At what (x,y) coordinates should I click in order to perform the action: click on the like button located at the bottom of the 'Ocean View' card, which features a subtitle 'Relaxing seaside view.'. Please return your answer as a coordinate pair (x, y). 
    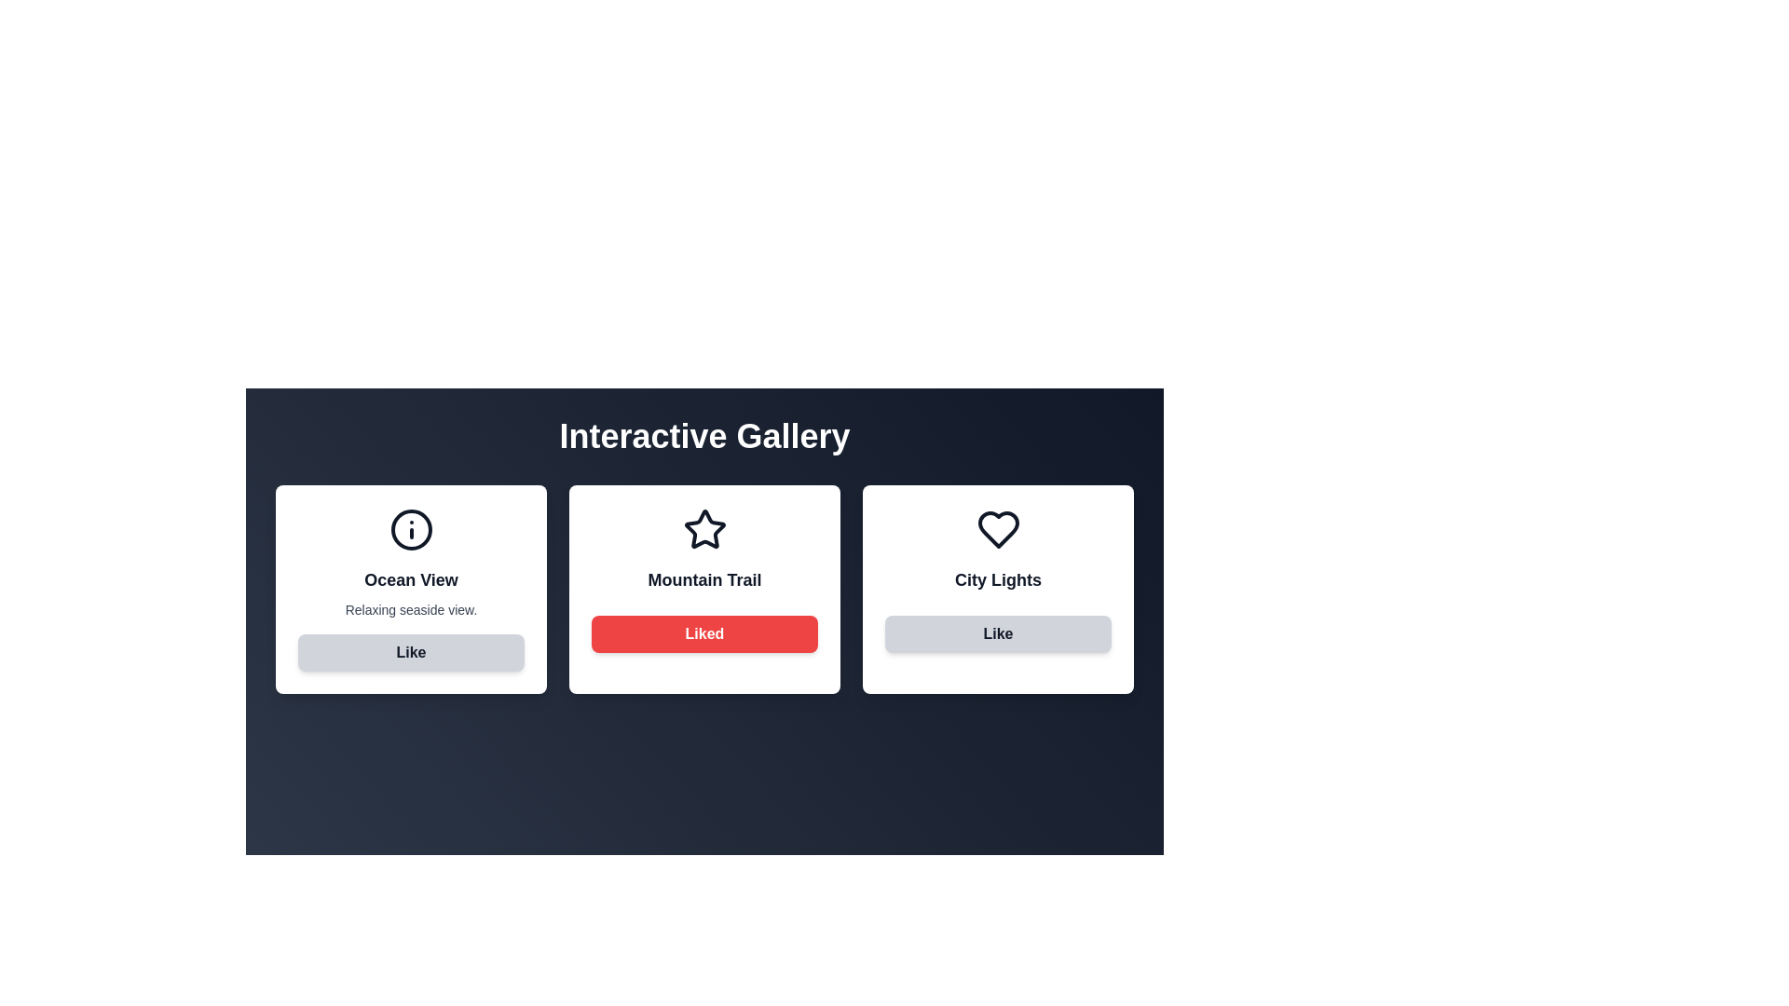
    Looking at the image, I should click on (410, 652).